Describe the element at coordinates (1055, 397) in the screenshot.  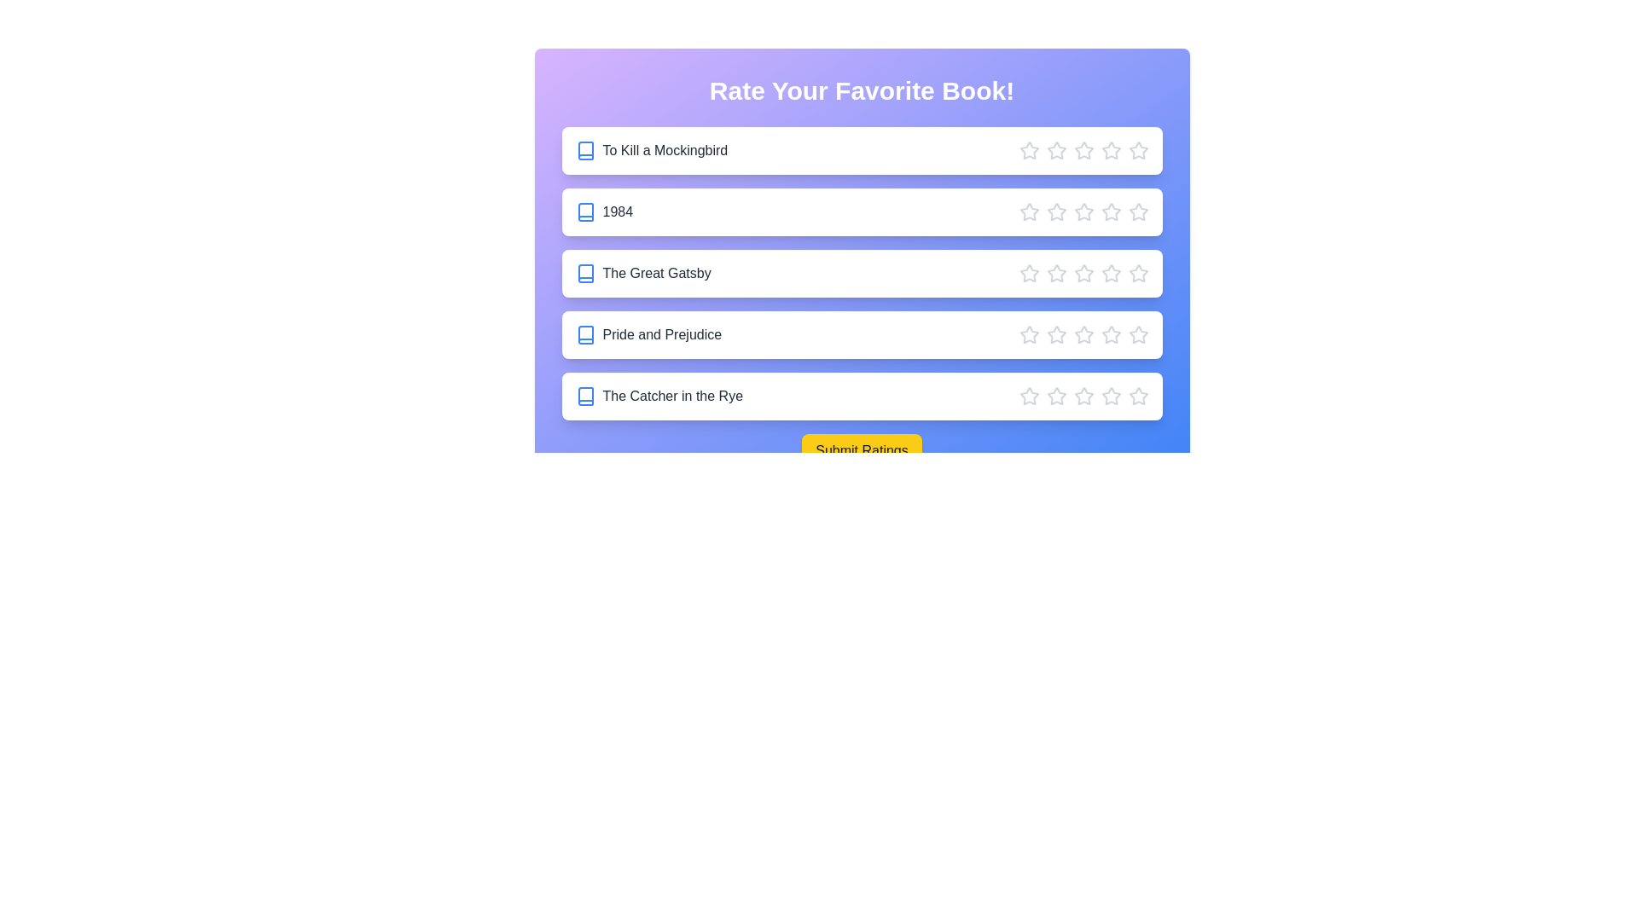
I see `the star corresponding to 2 stars for the book 'The Catcher in the Rye'` at that location.